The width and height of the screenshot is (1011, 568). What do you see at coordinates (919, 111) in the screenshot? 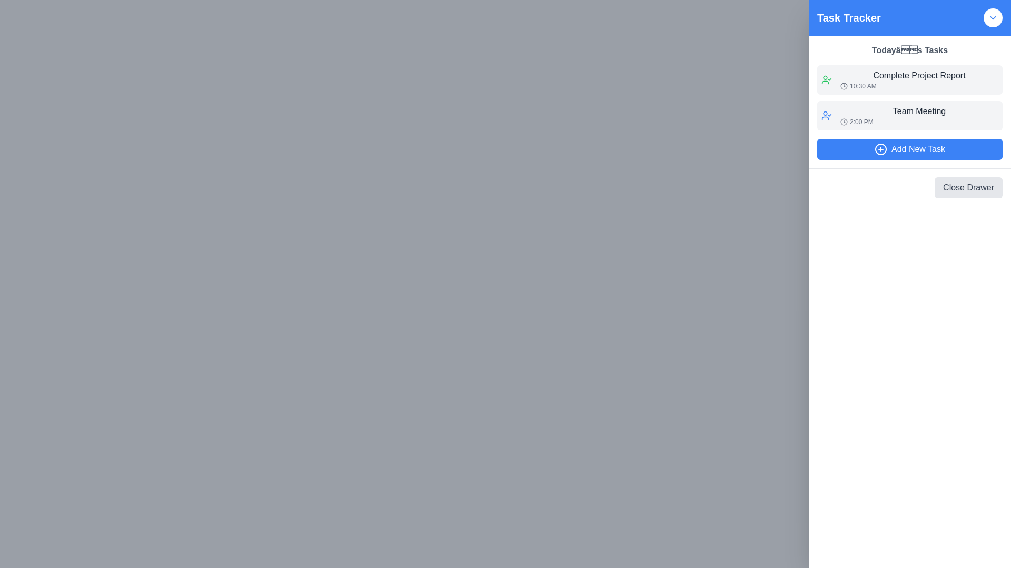
I see `the heading label located in the 'Team Meeting 2:00 PM' section of 'Today's Tasks', positioned above the text '2:00 PM'` at bounding box center [919, 111].